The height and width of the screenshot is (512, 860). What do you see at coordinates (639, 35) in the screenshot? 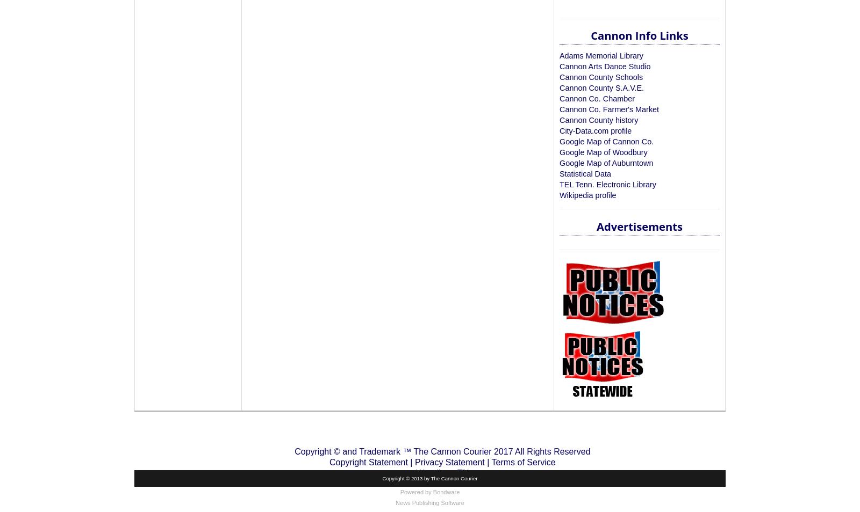
I see `'Cannon Info Links'` at bounding box center [639, 35].